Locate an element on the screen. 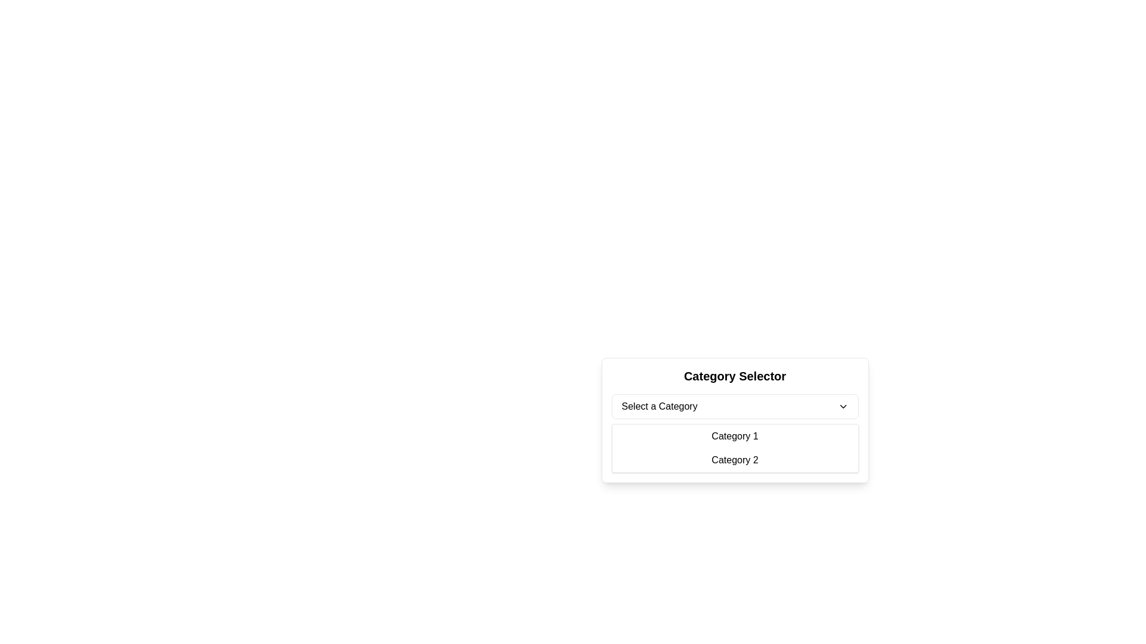  the 'Category 2' option in the List of selectable options, which is displayed vertically with 'Category 1' and 'Category 2' in a white card-like component is located at coordinates (734, 448).